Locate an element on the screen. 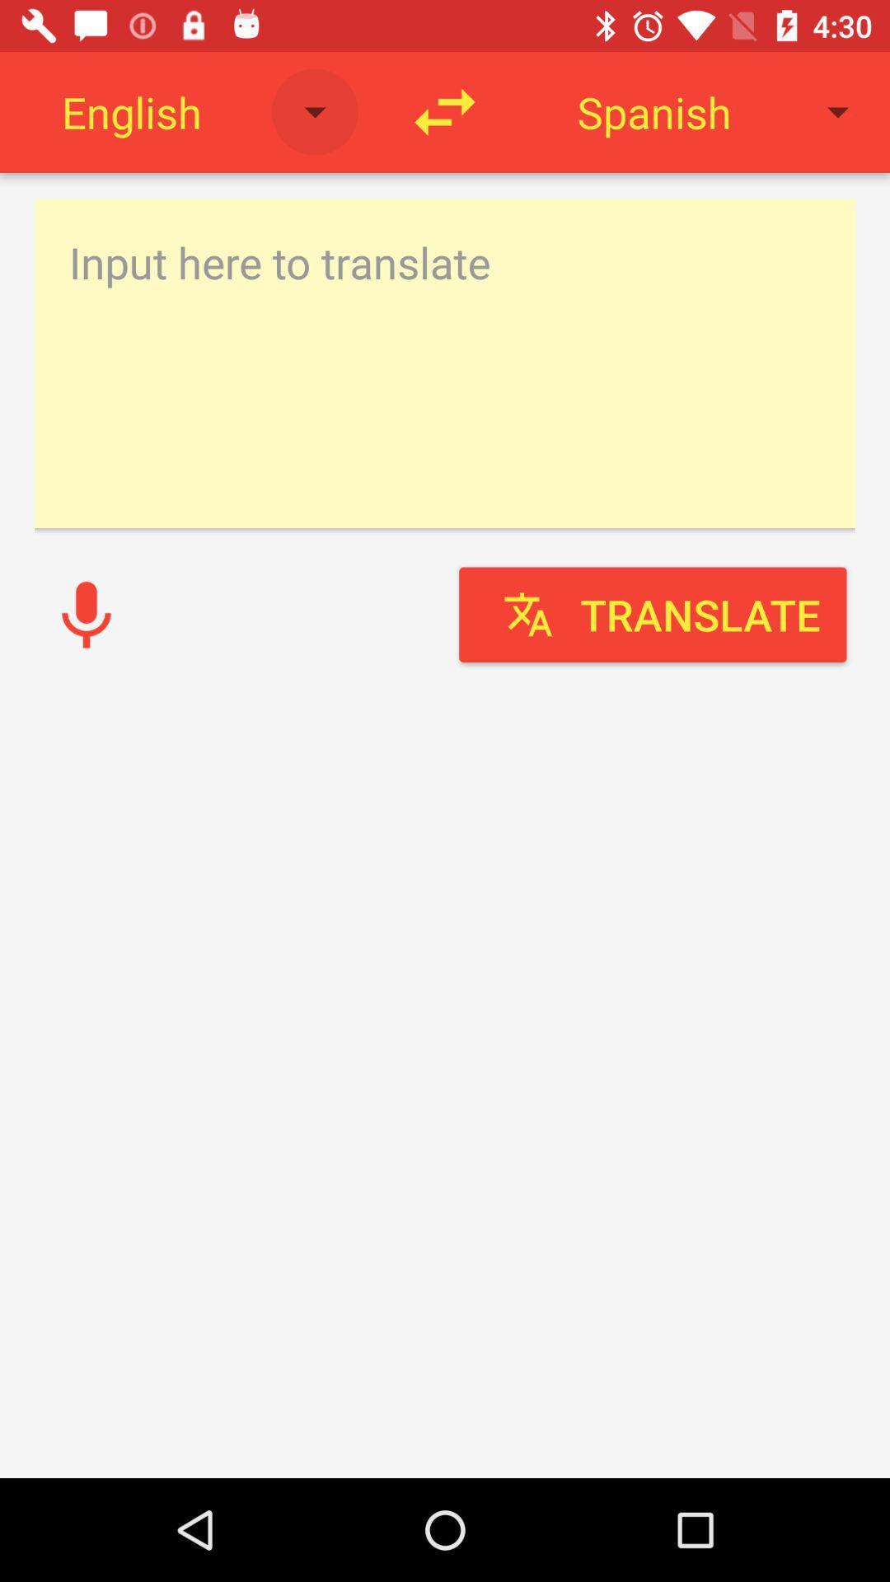 The image size is (890, 1582). voice chatting is located at coordinates (86, 614).